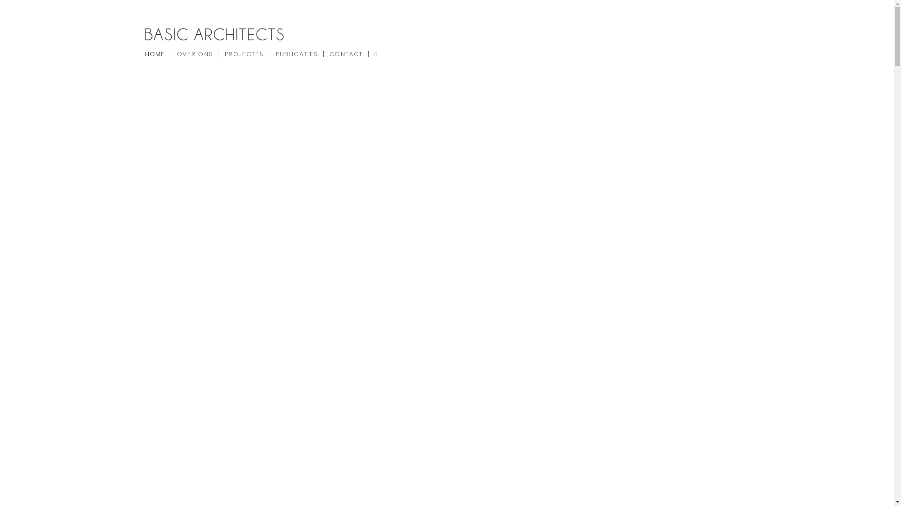  I want to click on 'PUBLICATIES', so click(270, 54).